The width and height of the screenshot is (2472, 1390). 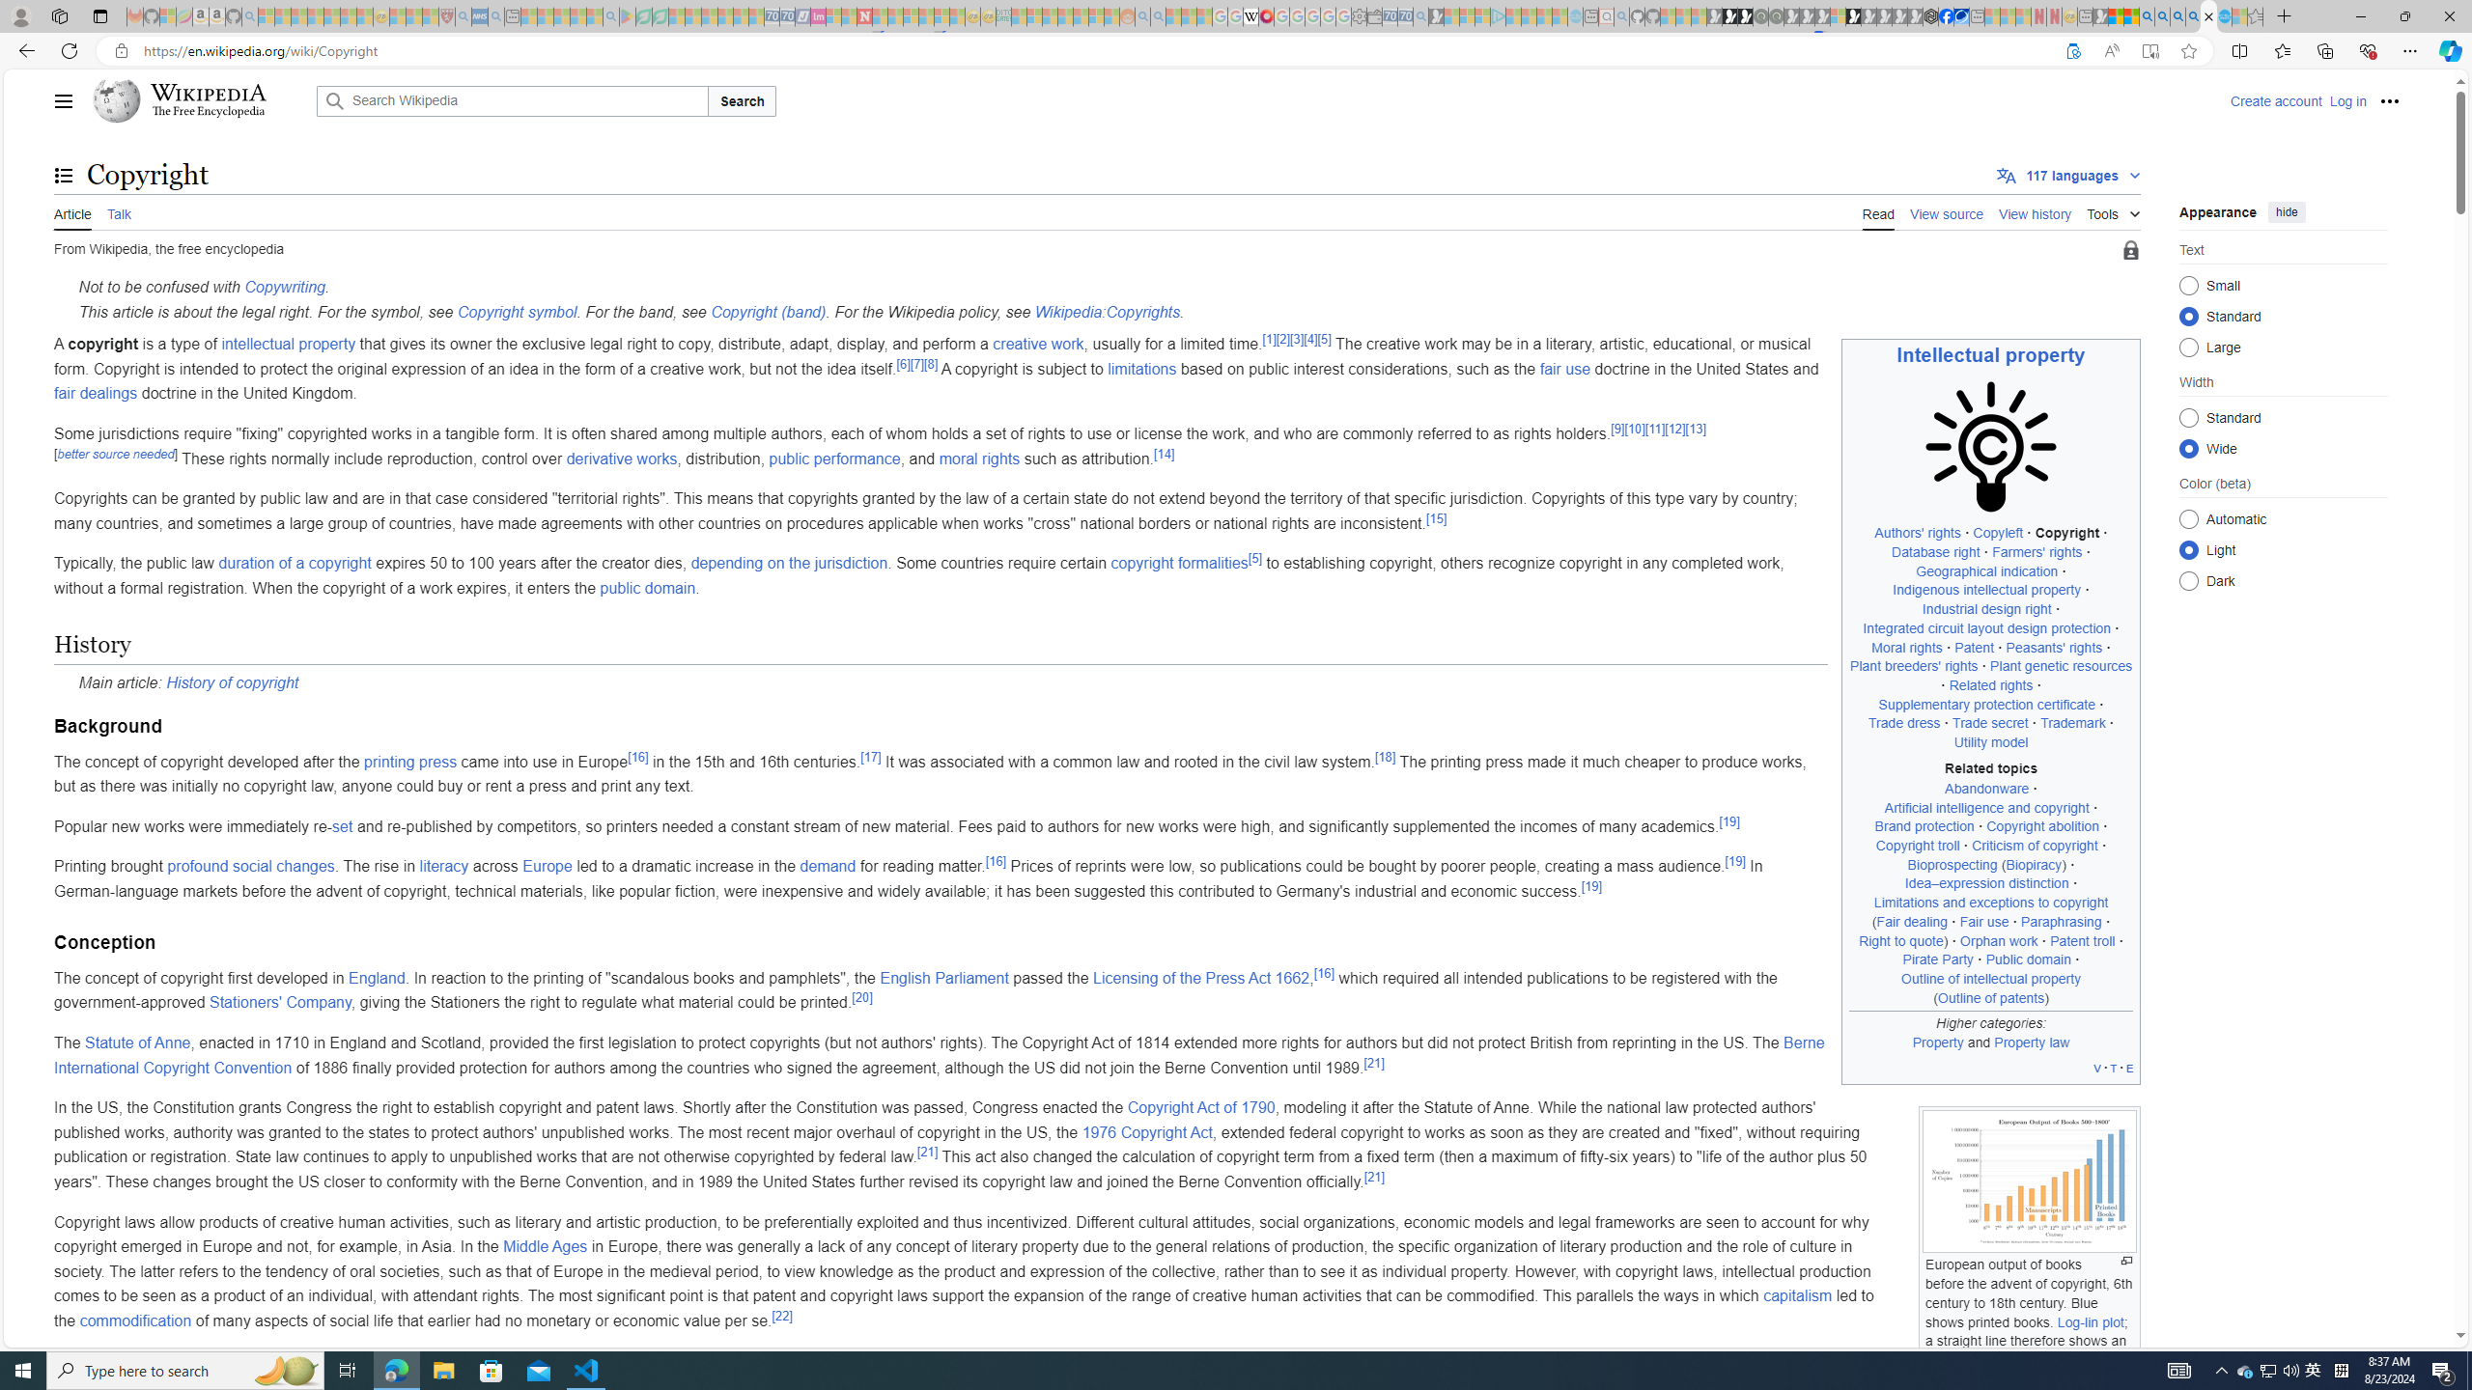 What do you see at coordinates (547, 865) in the screenshot?
I see `'Europe'` at bounding box center [547, 865].